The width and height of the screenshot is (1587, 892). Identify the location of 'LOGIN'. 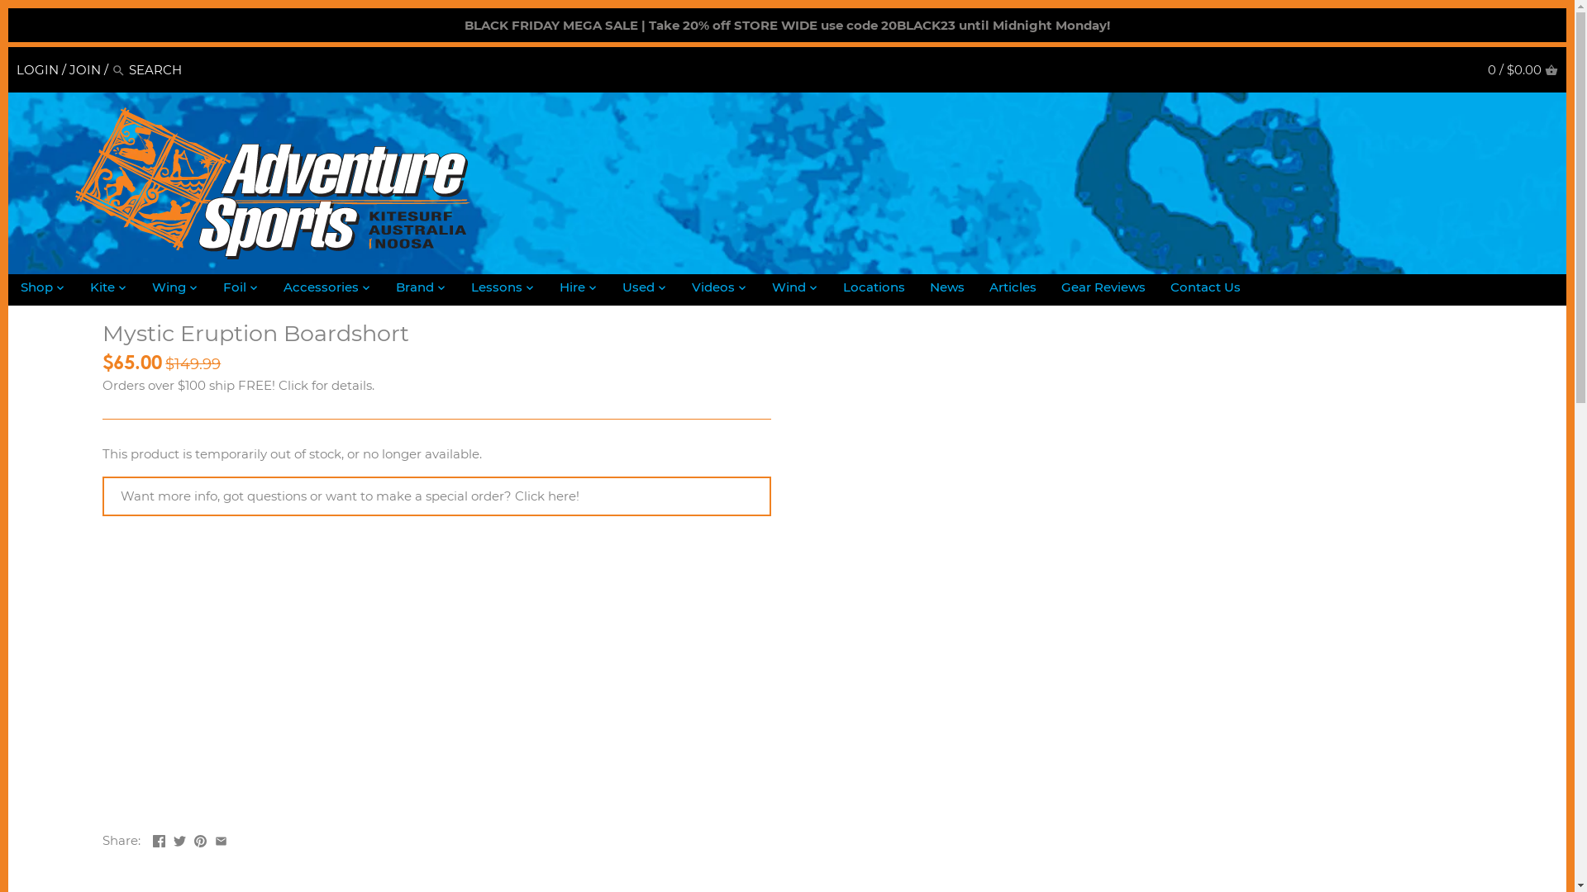
(37, 68).